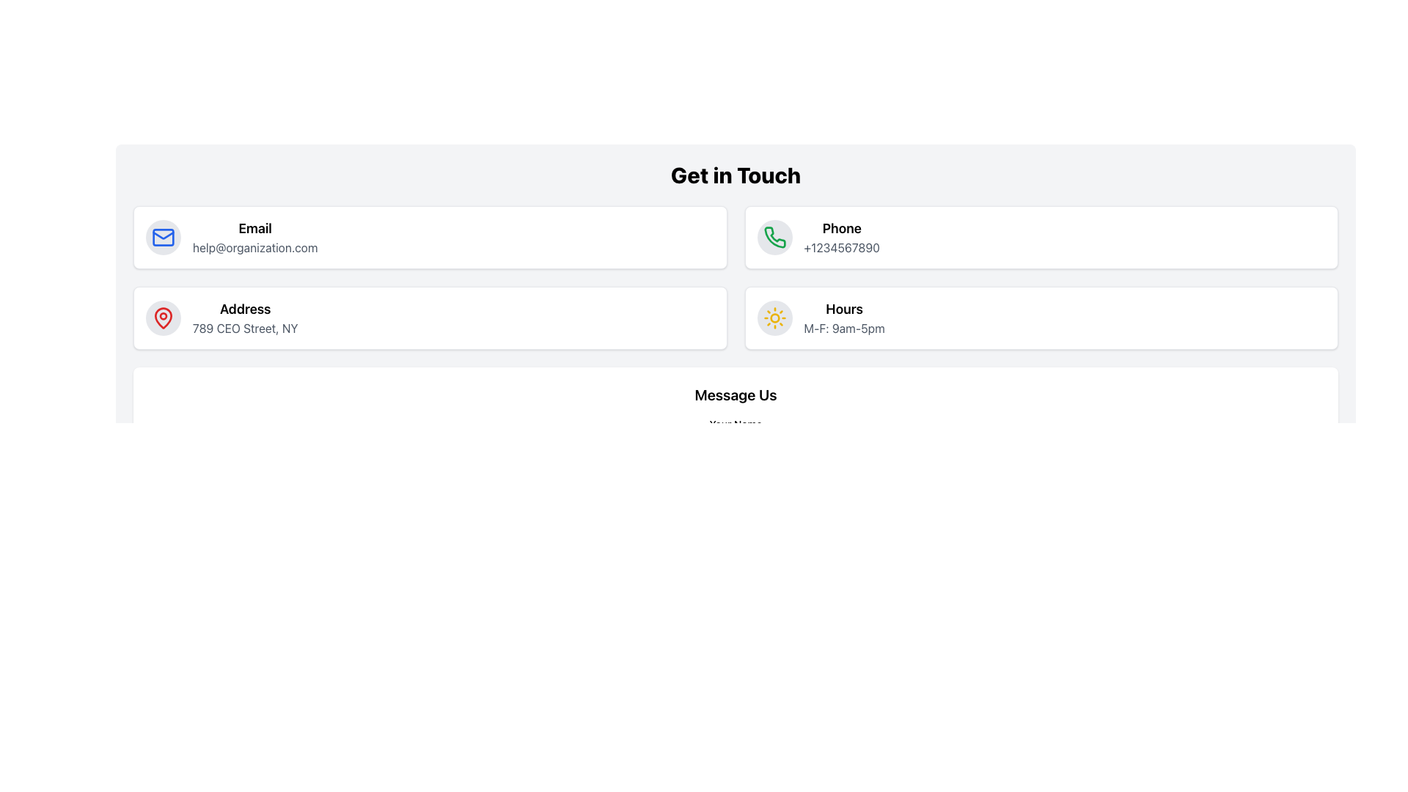 This screenshot has height=792, width=1408. Describe the element at coordinates (774, 318) in the screenshot. I see `the small filled circle within the sun icon located in the 'Hours' section of the interface, which is to the right of the 'Phone' section and below the 'Get in Touch' heading` at that location.